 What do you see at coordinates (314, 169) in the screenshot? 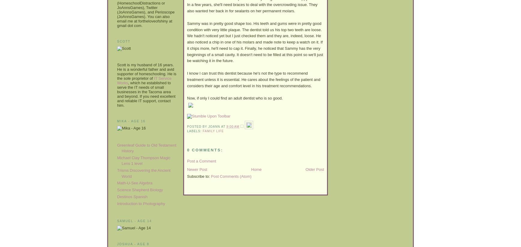
I see `'Older Post'` at bounding box center [314, 169].